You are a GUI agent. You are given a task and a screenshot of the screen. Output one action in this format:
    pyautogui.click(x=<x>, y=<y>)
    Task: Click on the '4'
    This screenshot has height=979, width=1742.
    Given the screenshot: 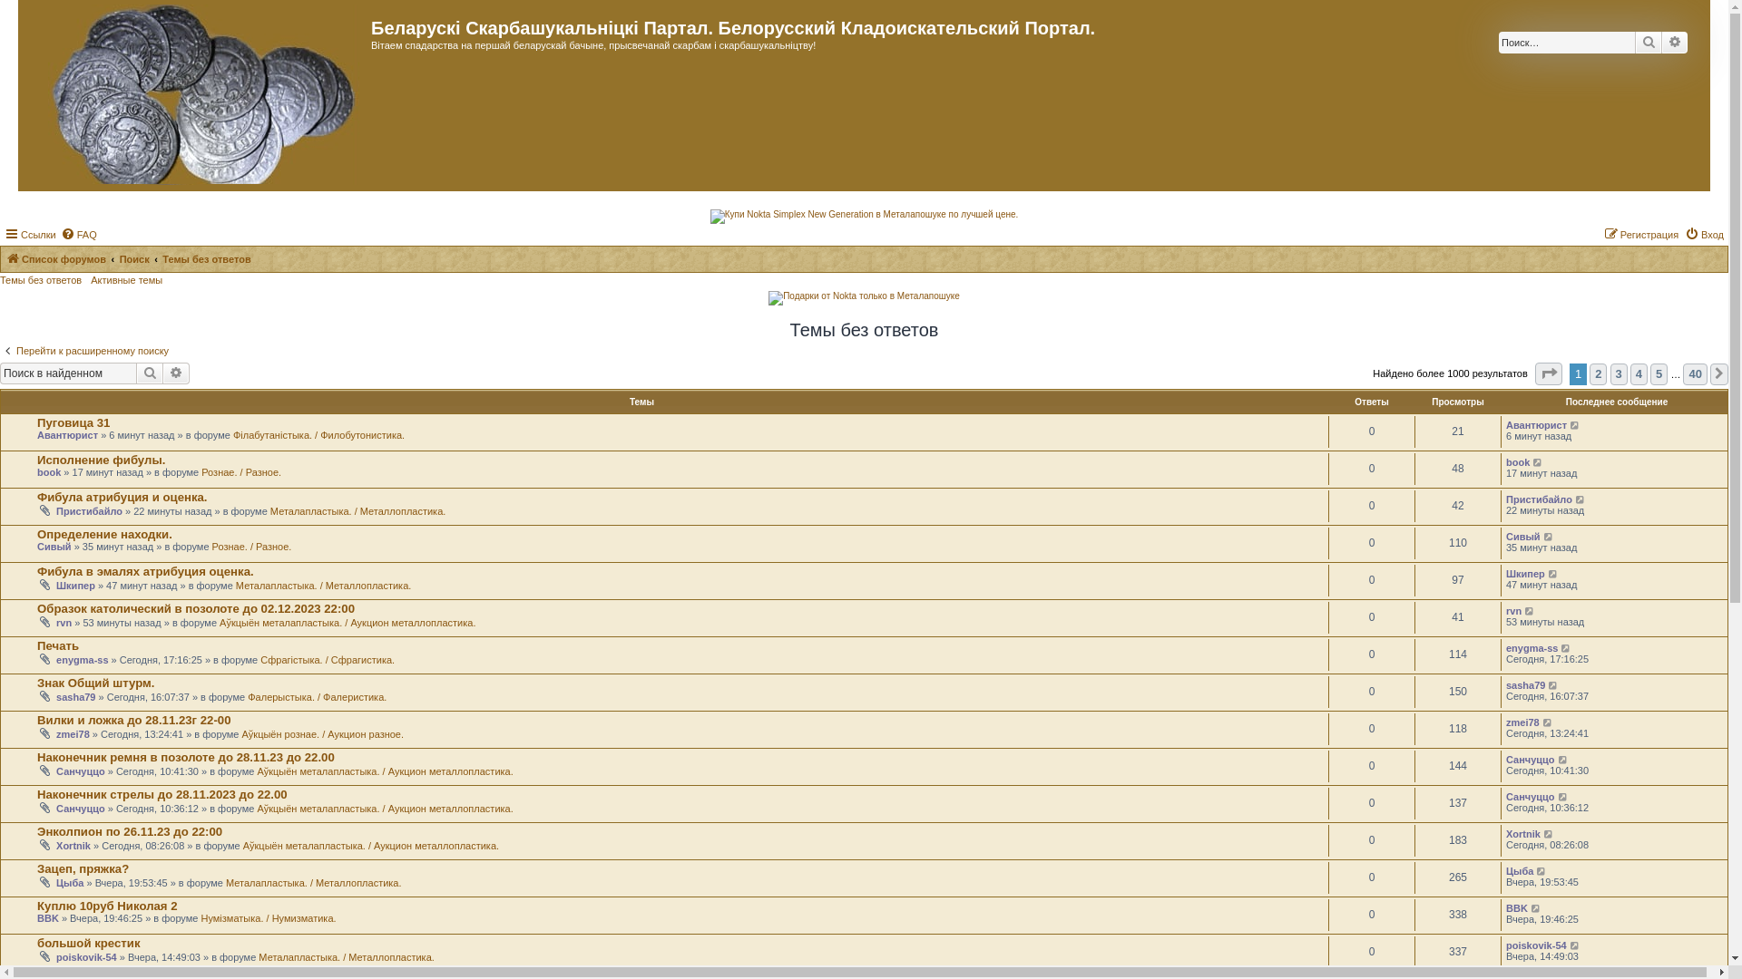 What is the action you would take?
    pyautogui.click(x=1629, y=373)
    